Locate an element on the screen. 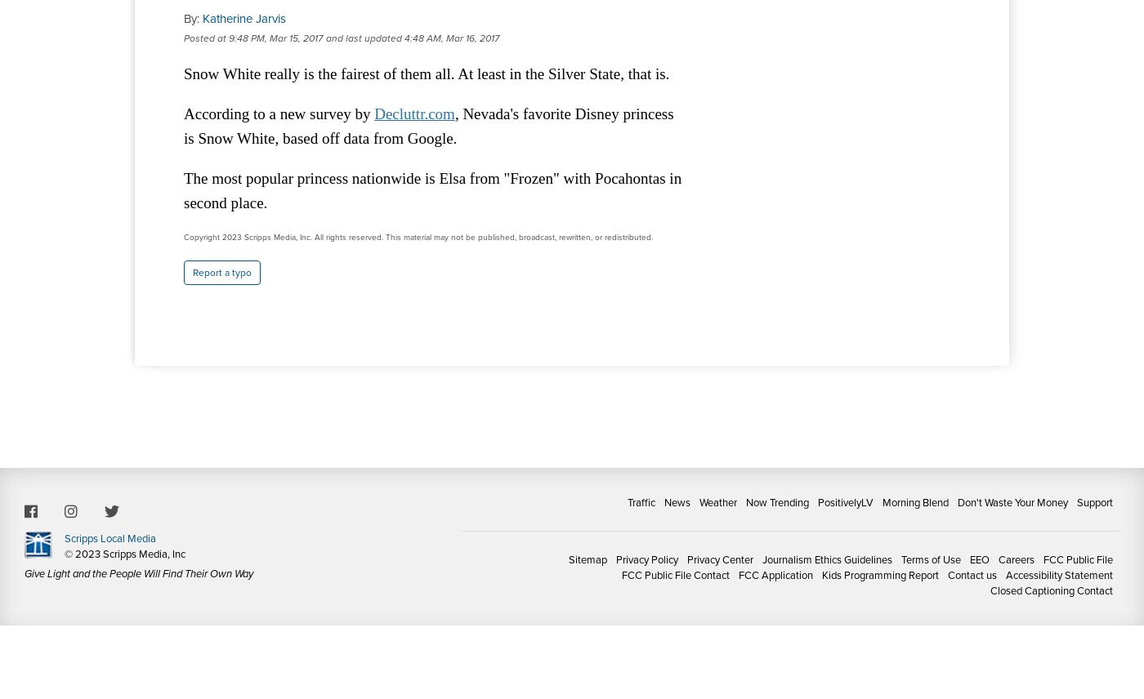 This screenshot has width=1144, height=699. 'Terms of Use' is located at coordinates (931, 559).